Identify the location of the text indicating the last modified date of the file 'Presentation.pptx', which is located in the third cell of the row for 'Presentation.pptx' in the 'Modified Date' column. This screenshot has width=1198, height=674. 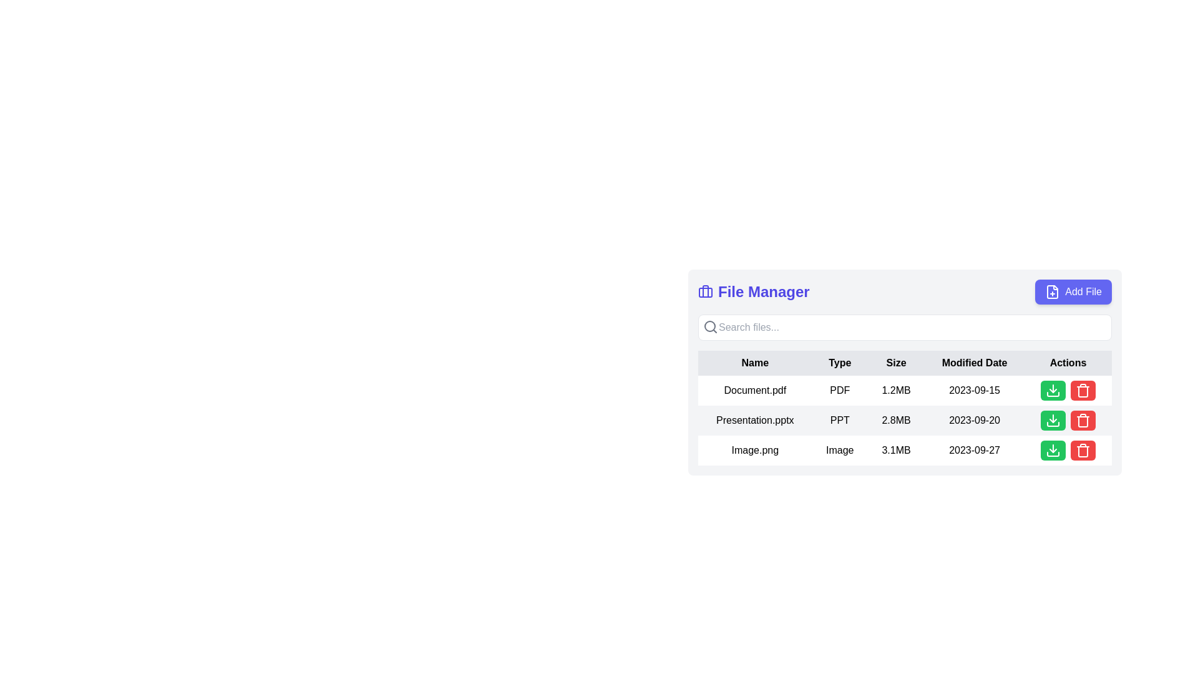
(974, 421).